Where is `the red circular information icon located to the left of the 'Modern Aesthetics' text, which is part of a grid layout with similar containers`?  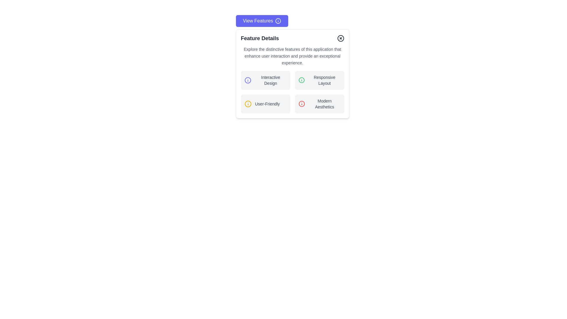 the red circular information icon located to the left of the 'Modern Aesthetics' text, which is part of a grid layout with similar containers is located at coordinates (302, 104).